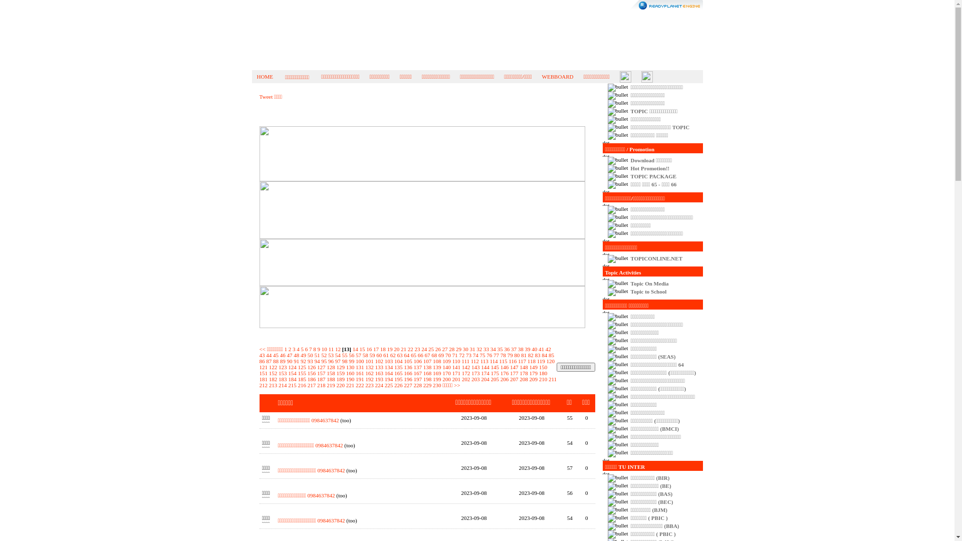 Image resolution: width=962 pixels, height=541 pixels. Describe the element at coordinates (521, 361) in the screenshot. I see `'117'` at that location.